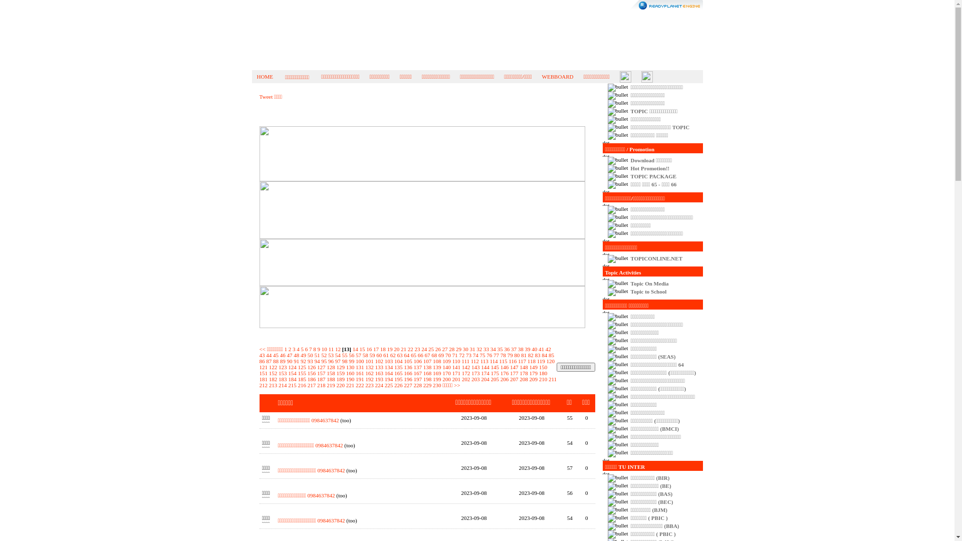 Image resolution: width=962 pixels, height=541 pixels. Describe the element at coordinates (521, 361) in the screenshot. I see `'117'` at that location.